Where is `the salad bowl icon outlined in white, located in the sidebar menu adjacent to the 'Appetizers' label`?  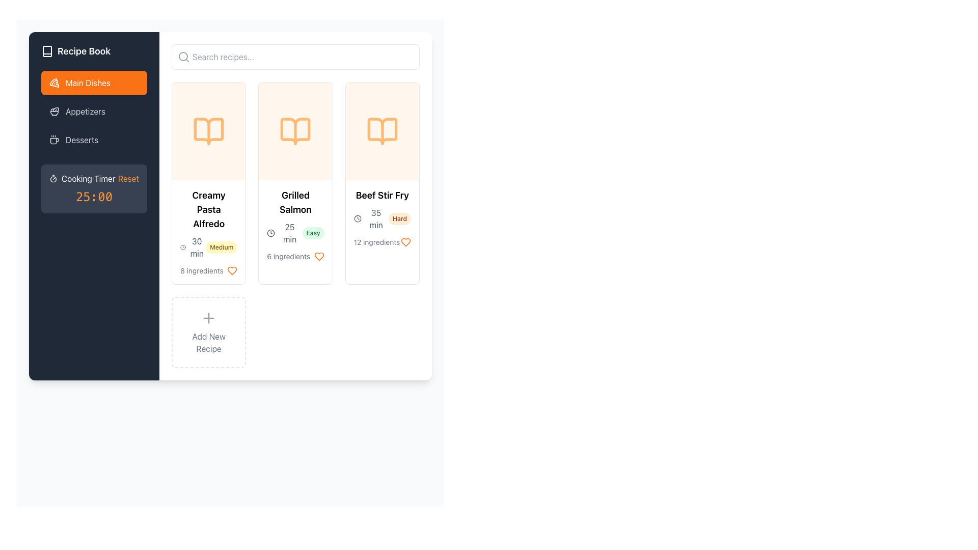 the salad bowl icon outlined in white, located in the sidebar menu adjacent to the 'Appetizers' label is located at coordinates (53, 112).